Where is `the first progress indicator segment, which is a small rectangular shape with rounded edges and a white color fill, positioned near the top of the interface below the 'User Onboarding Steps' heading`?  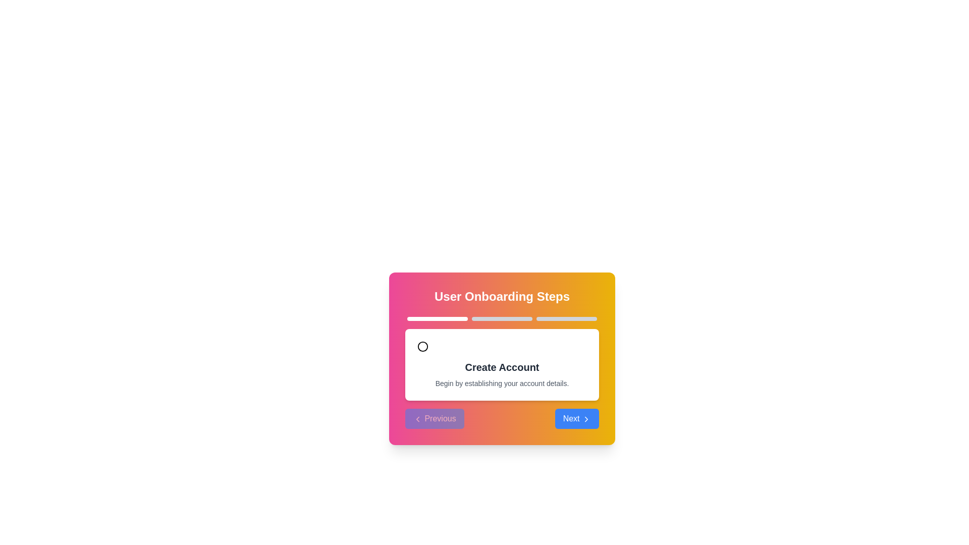 the first progress indicator segment, which is a small rectangular shape with rounded edges and a white color fill, positioned near the top of the interface below the 'User Onboarding Steps' heading is located at coordinates (438, 319).